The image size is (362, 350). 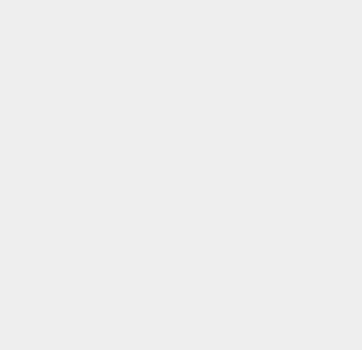 I want to click on 'Torrent', so click(x=263, y=256).